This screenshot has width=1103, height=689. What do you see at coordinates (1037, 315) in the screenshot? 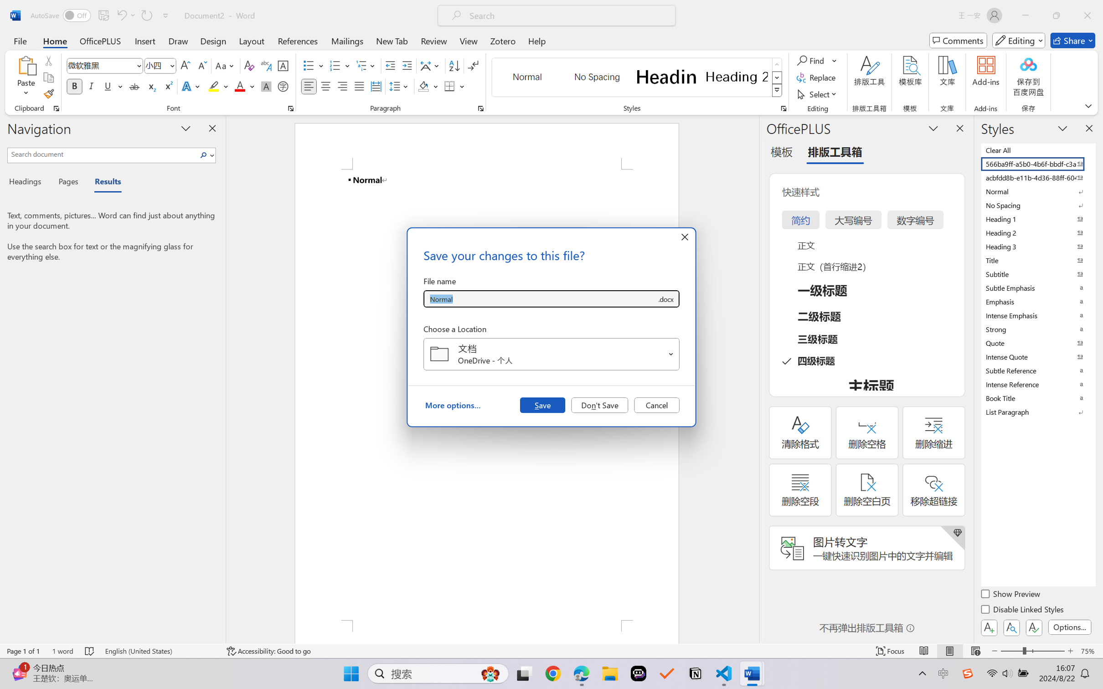
I see `'Intense Emphasis'` at bounding box center [1037, 315].